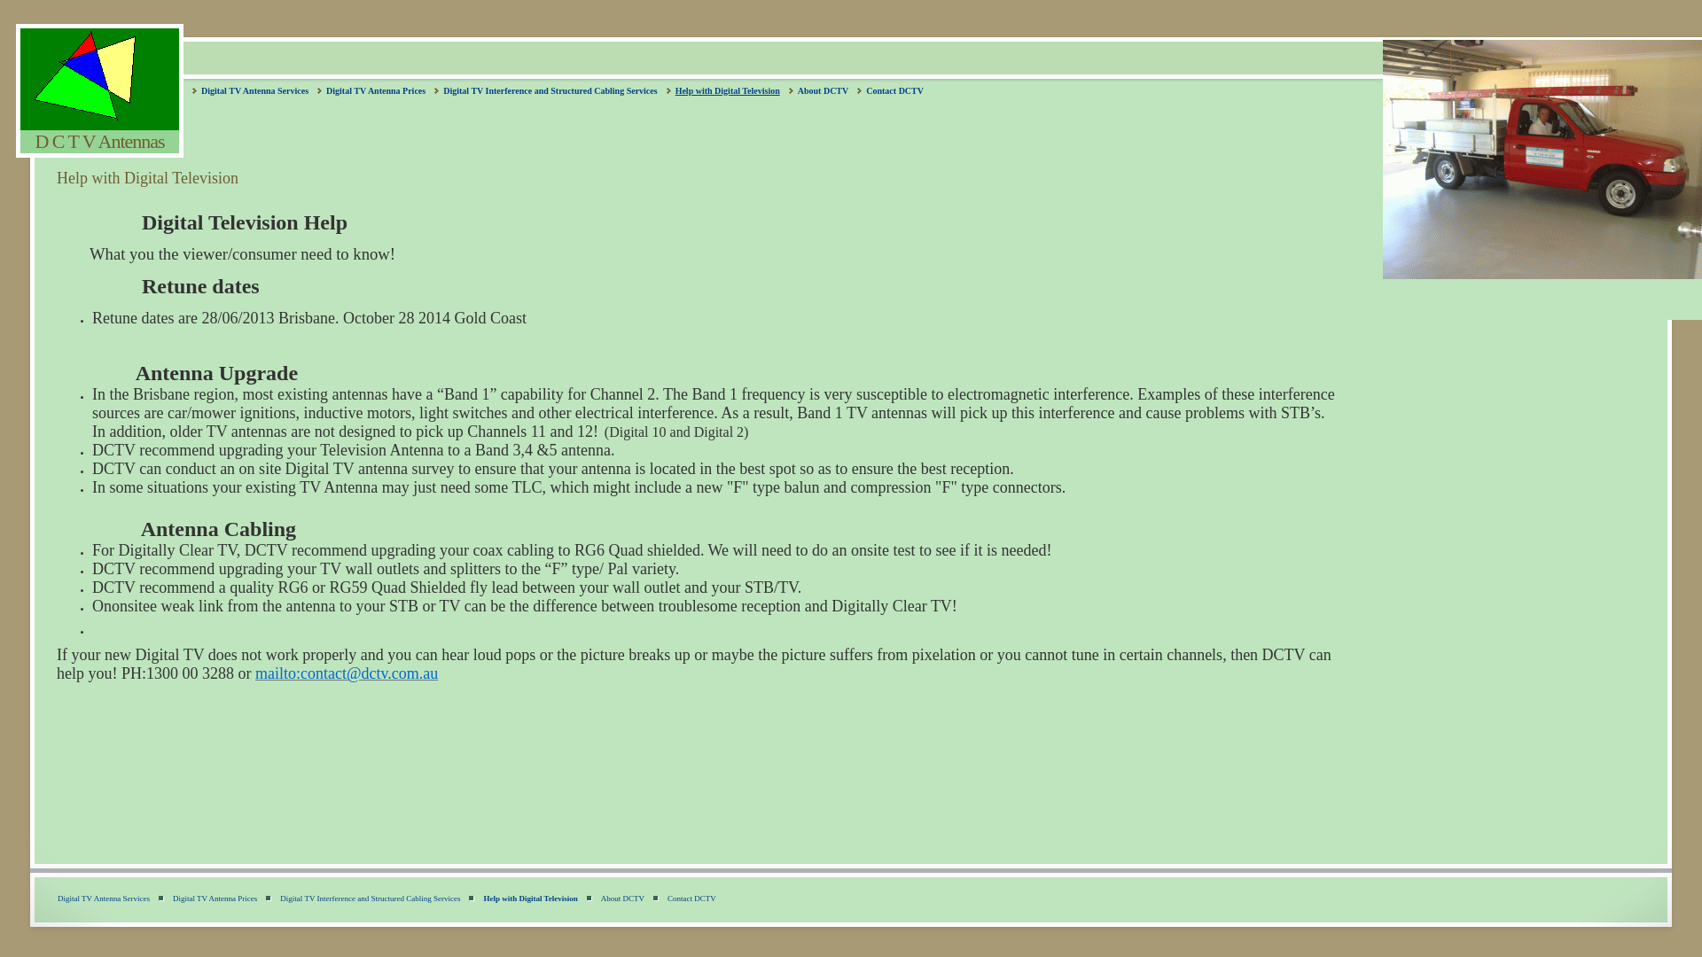 This screenshot has height=957, width=1702. Describe the element at coordinates (374, 90) in the screenshot. I see `'Digital TV Antenna Prices'` at that location.